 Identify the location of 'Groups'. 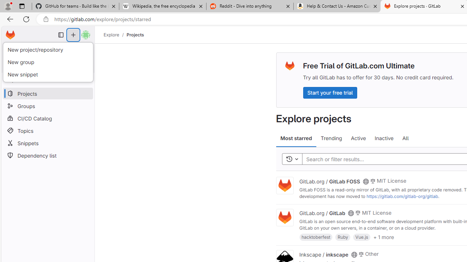
(47, 106).